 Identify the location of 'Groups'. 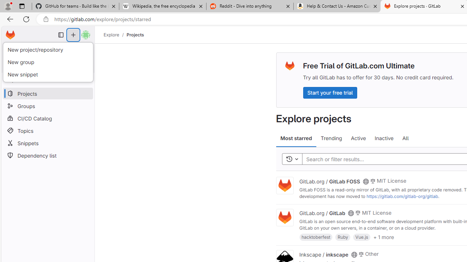
(47, 106).